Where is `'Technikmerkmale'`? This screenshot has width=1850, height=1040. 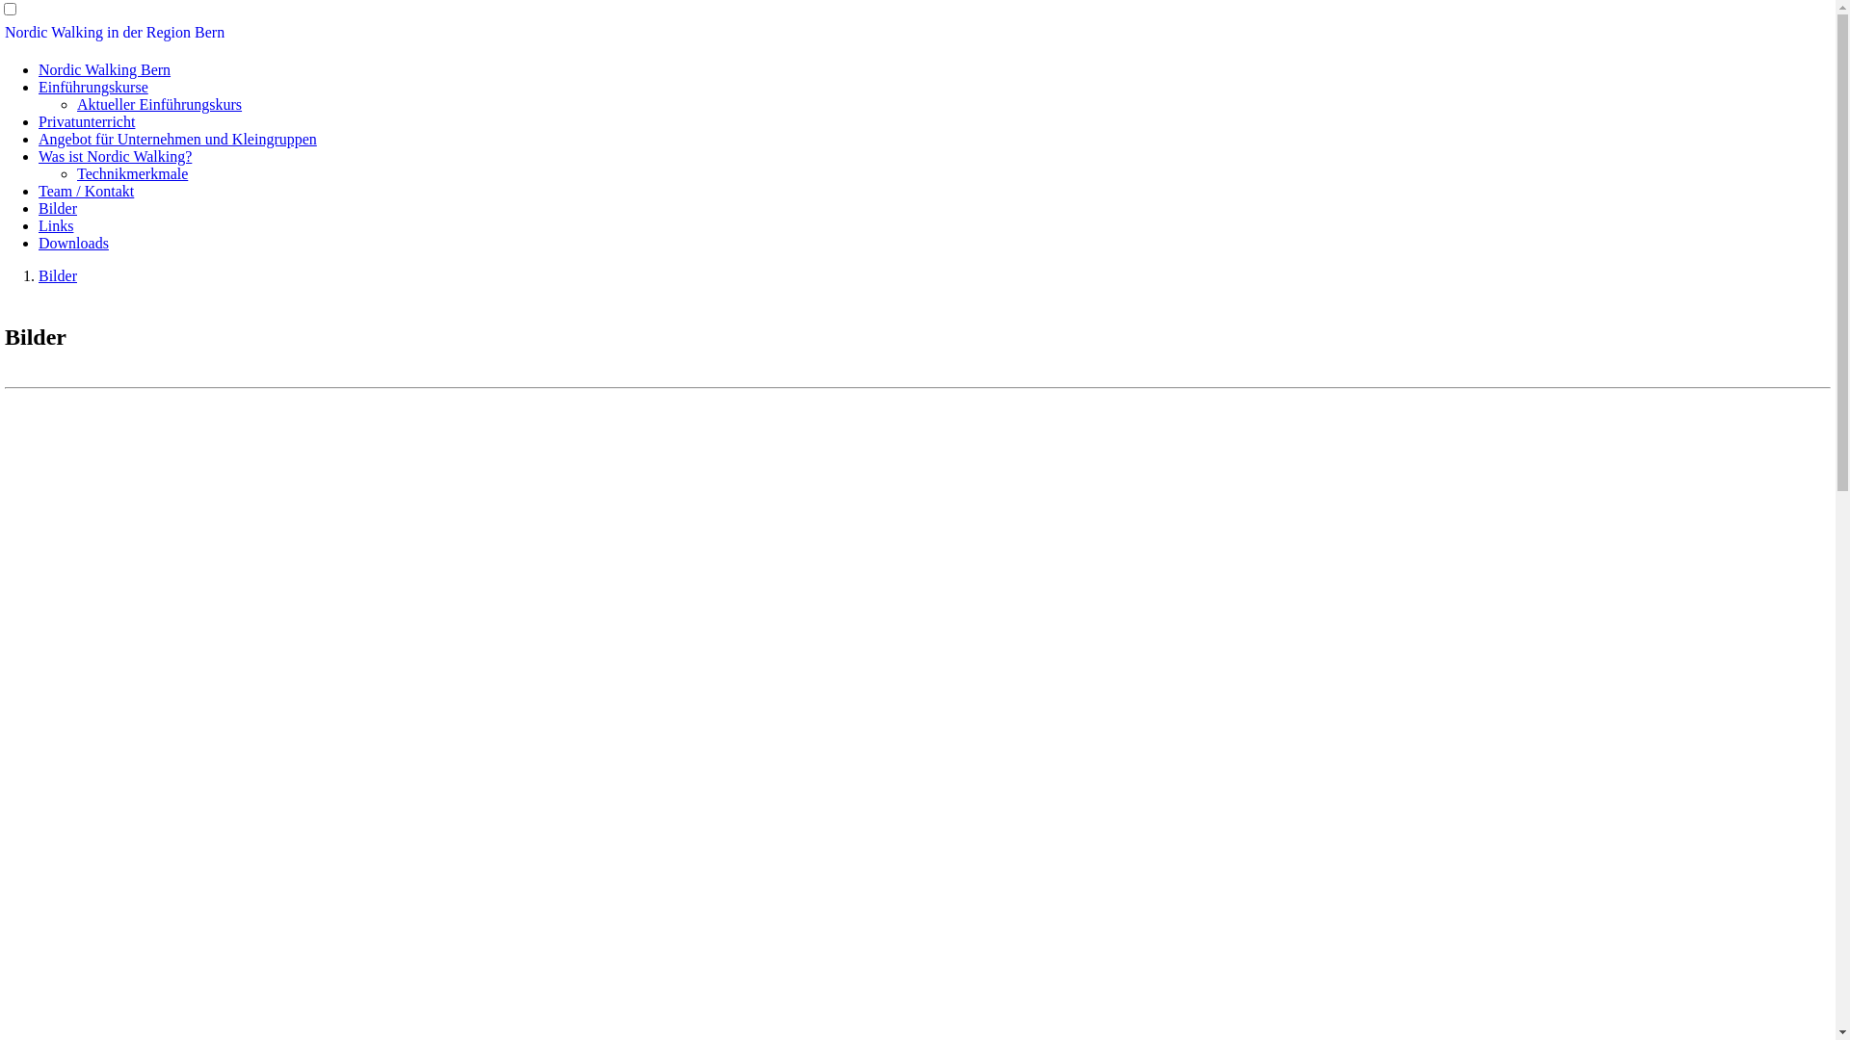
'Technikmerkmale' is located at coordinates (77, 173).